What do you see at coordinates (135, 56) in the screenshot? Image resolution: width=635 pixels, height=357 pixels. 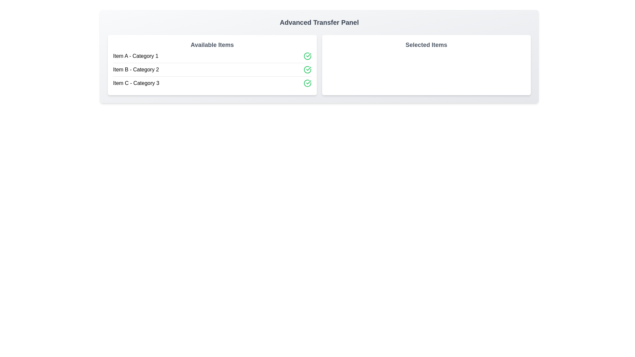 I see `text from the text label displaying 'Item A - Category 1', which is the first entry in the 'Available Items' list` at bounding box center [135, 56].